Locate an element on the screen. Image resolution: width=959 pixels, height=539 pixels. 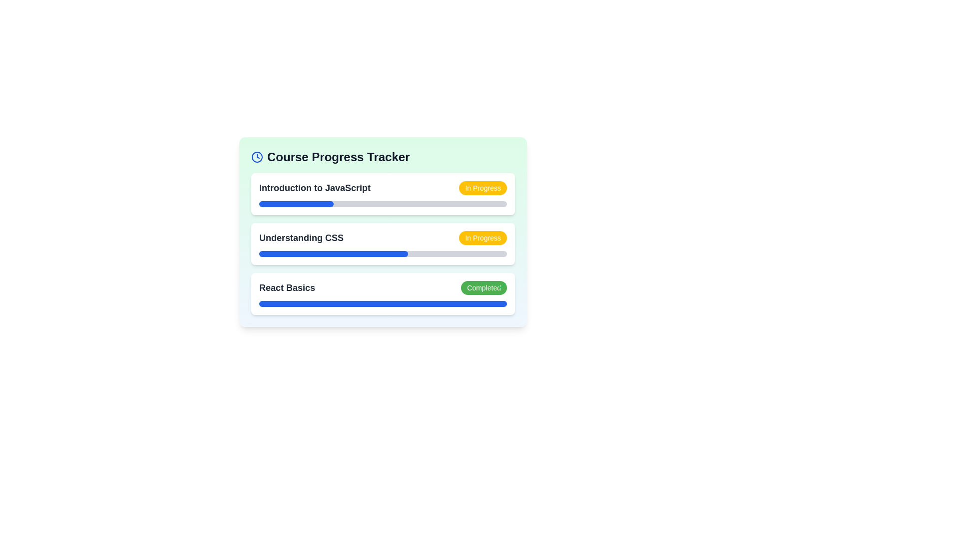
the second progress bar in the 'Understanding CSS' entry of the 'Course Progress Tracker' card, which indicates 60% completion is located at coordinates (333, 254).